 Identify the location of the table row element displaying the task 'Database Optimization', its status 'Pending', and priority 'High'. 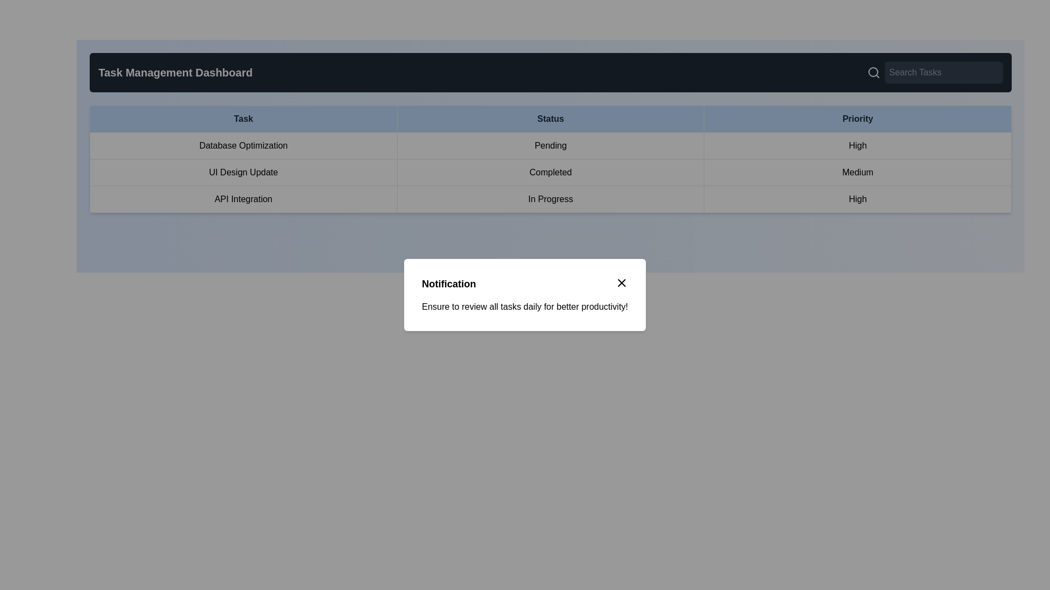
(551, 145).